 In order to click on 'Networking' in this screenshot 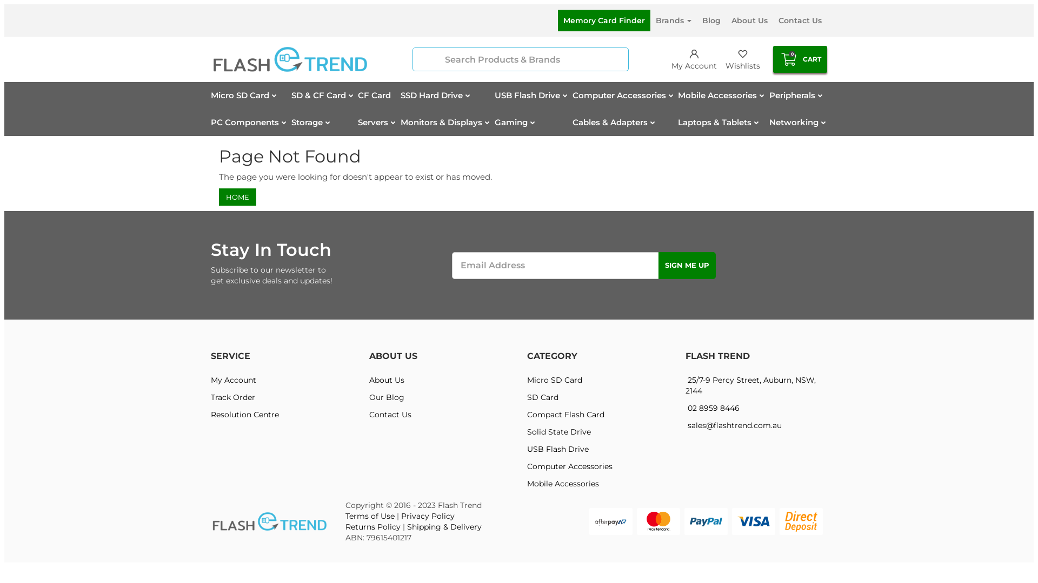, I will do `click(798, 122)`.